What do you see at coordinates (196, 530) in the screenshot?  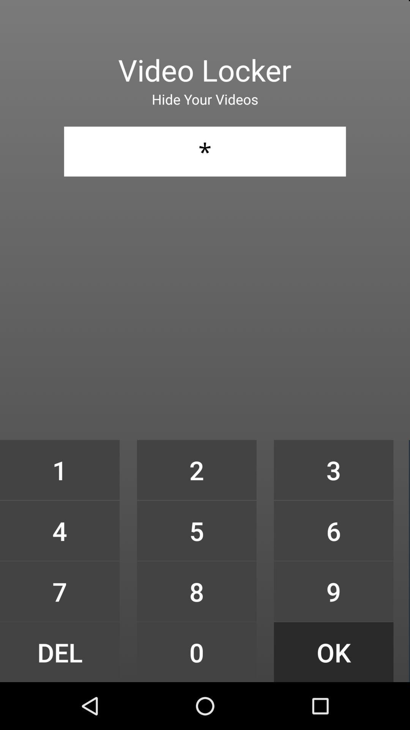 I see `the item below 2 item` at bounding box center [196, 530].